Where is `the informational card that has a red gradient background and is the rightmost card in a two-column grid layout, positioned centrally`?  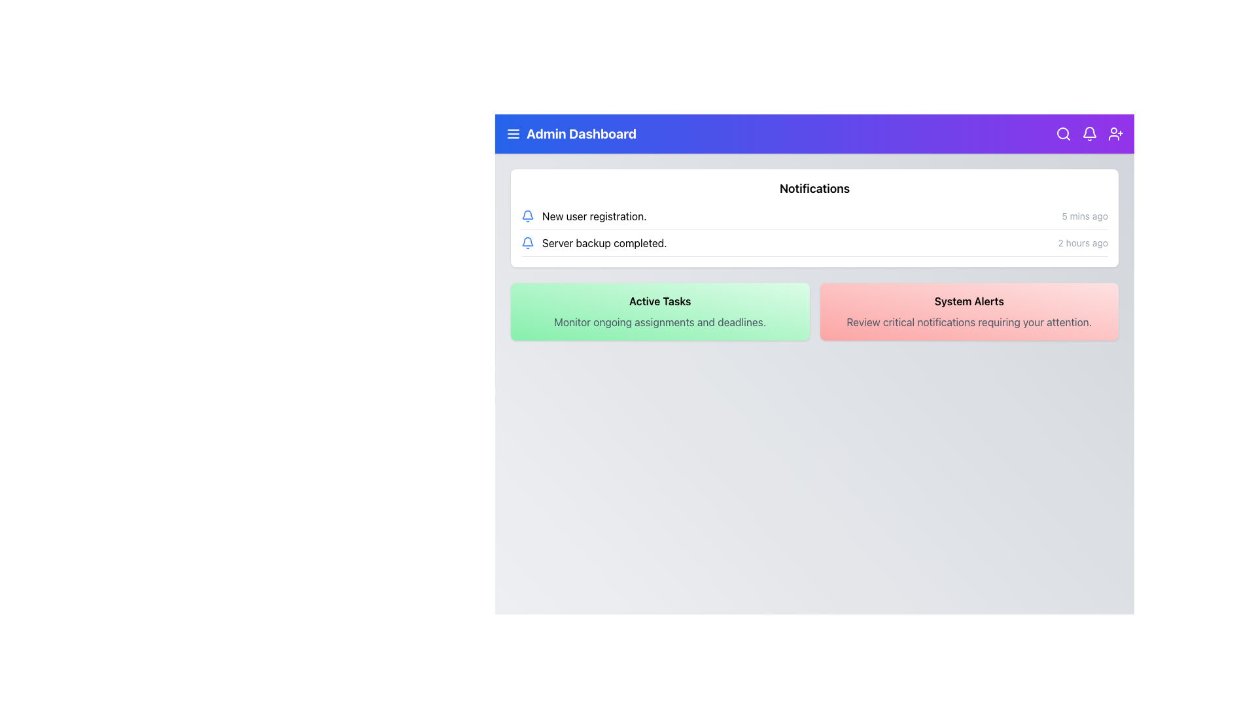 the informational card that has a red gradient background and is the rightmost card in a two-column grid layout, positioned centrally is located at coordinates (969, 312).